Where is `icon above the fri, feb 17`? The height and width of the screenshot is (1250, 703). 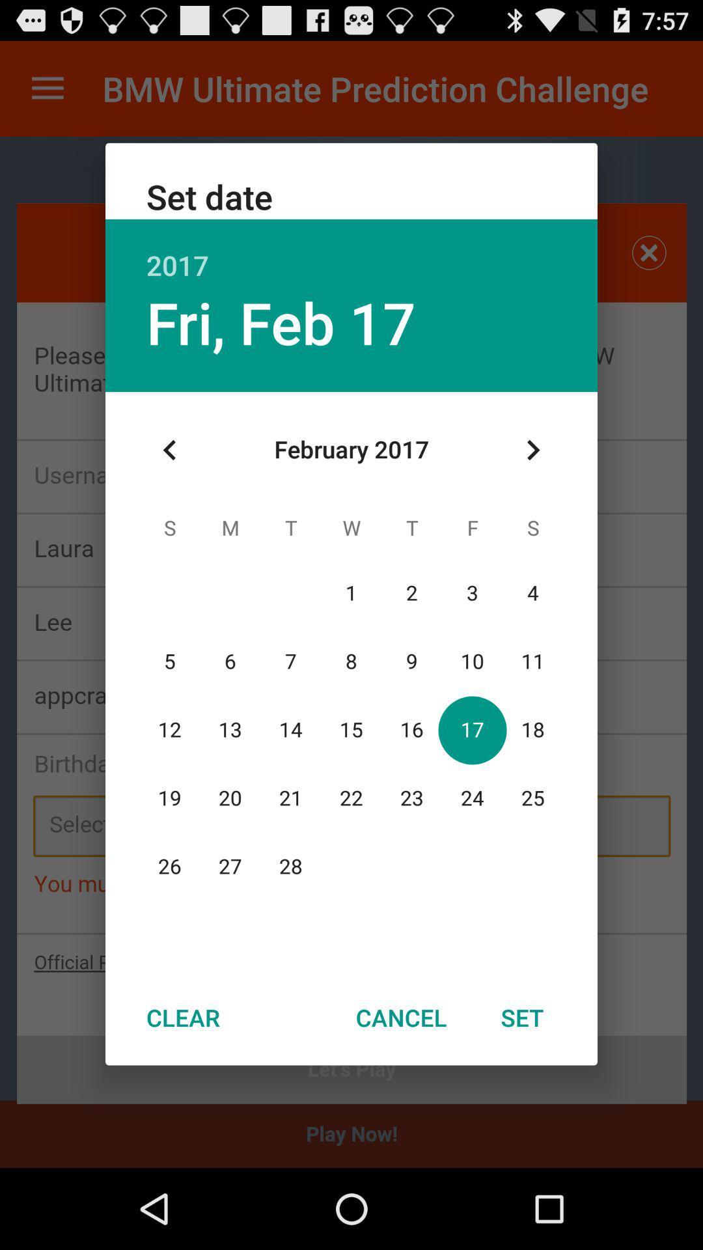 icon above the fri, feb 17 is located at coordinates (351, 251).